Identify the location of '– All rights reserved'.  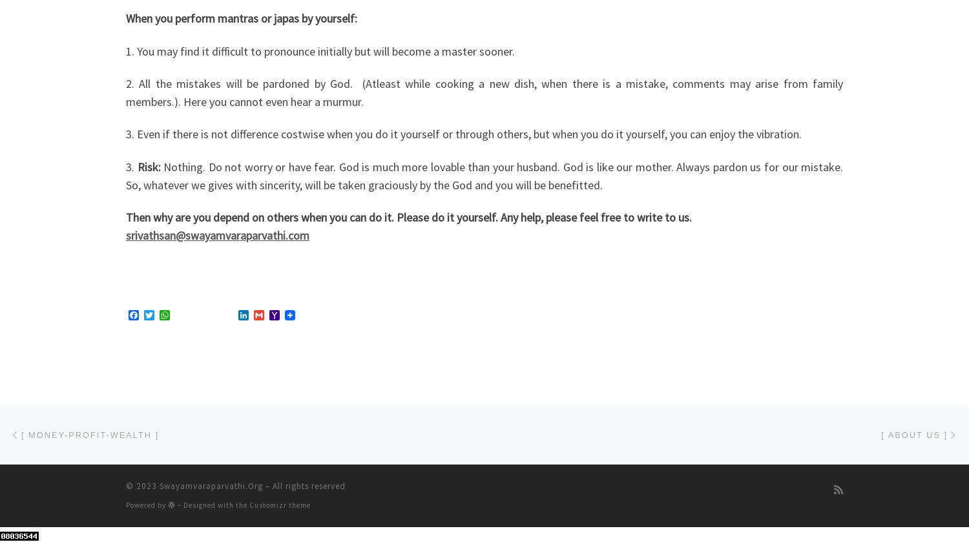
(304, 485).